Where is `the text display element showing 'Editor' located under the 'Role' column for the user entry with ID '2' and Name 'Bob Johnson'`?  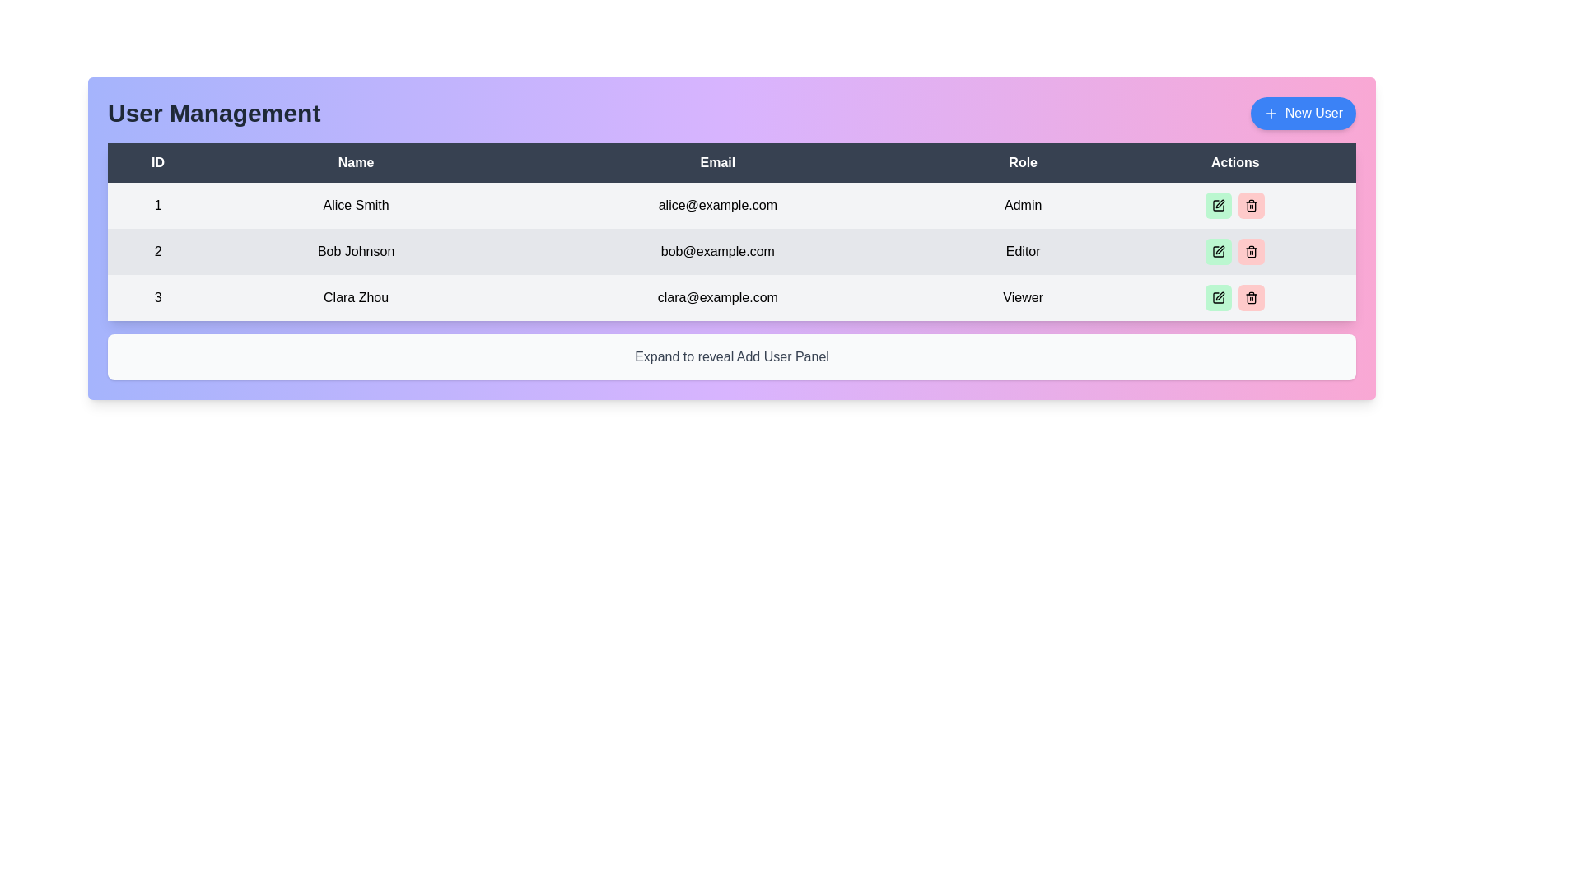
the text display element showing 'Editor' located under the 'Role' column for the user entry with ID '2' and Name 'Bob Johnson' is located at coordinates (1022, 251).